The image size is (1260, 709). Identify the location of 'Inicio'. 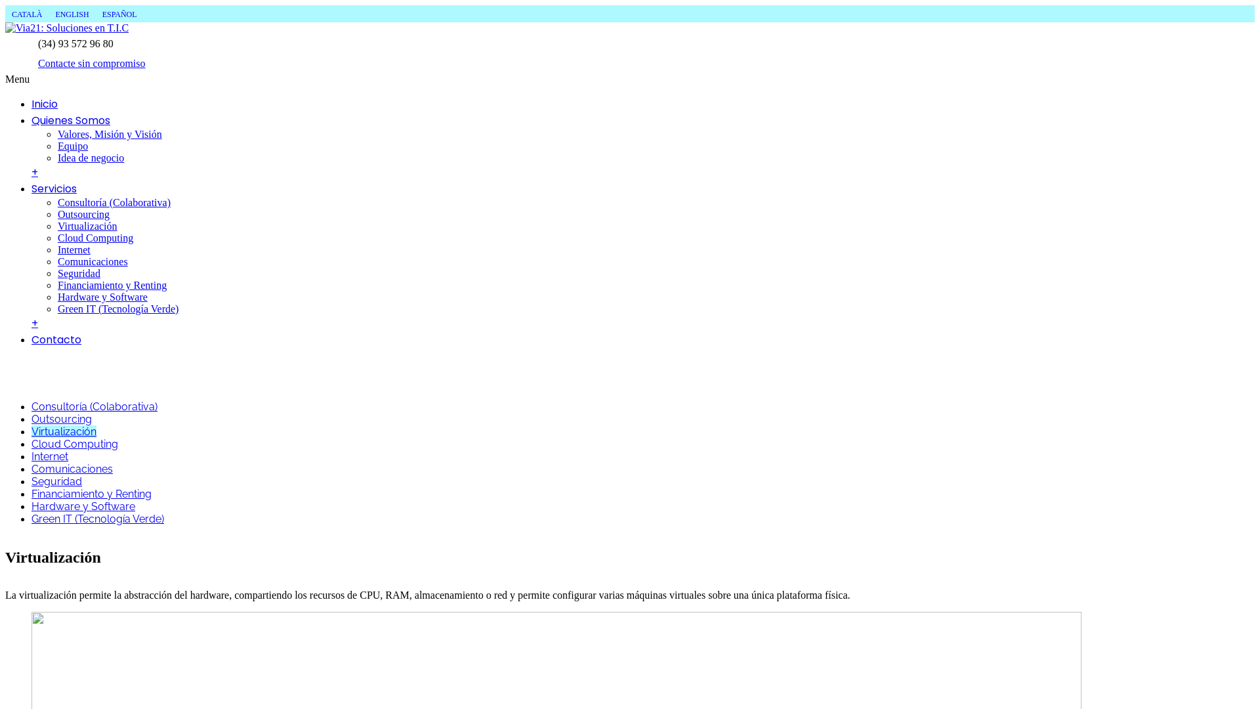
(44, 103).